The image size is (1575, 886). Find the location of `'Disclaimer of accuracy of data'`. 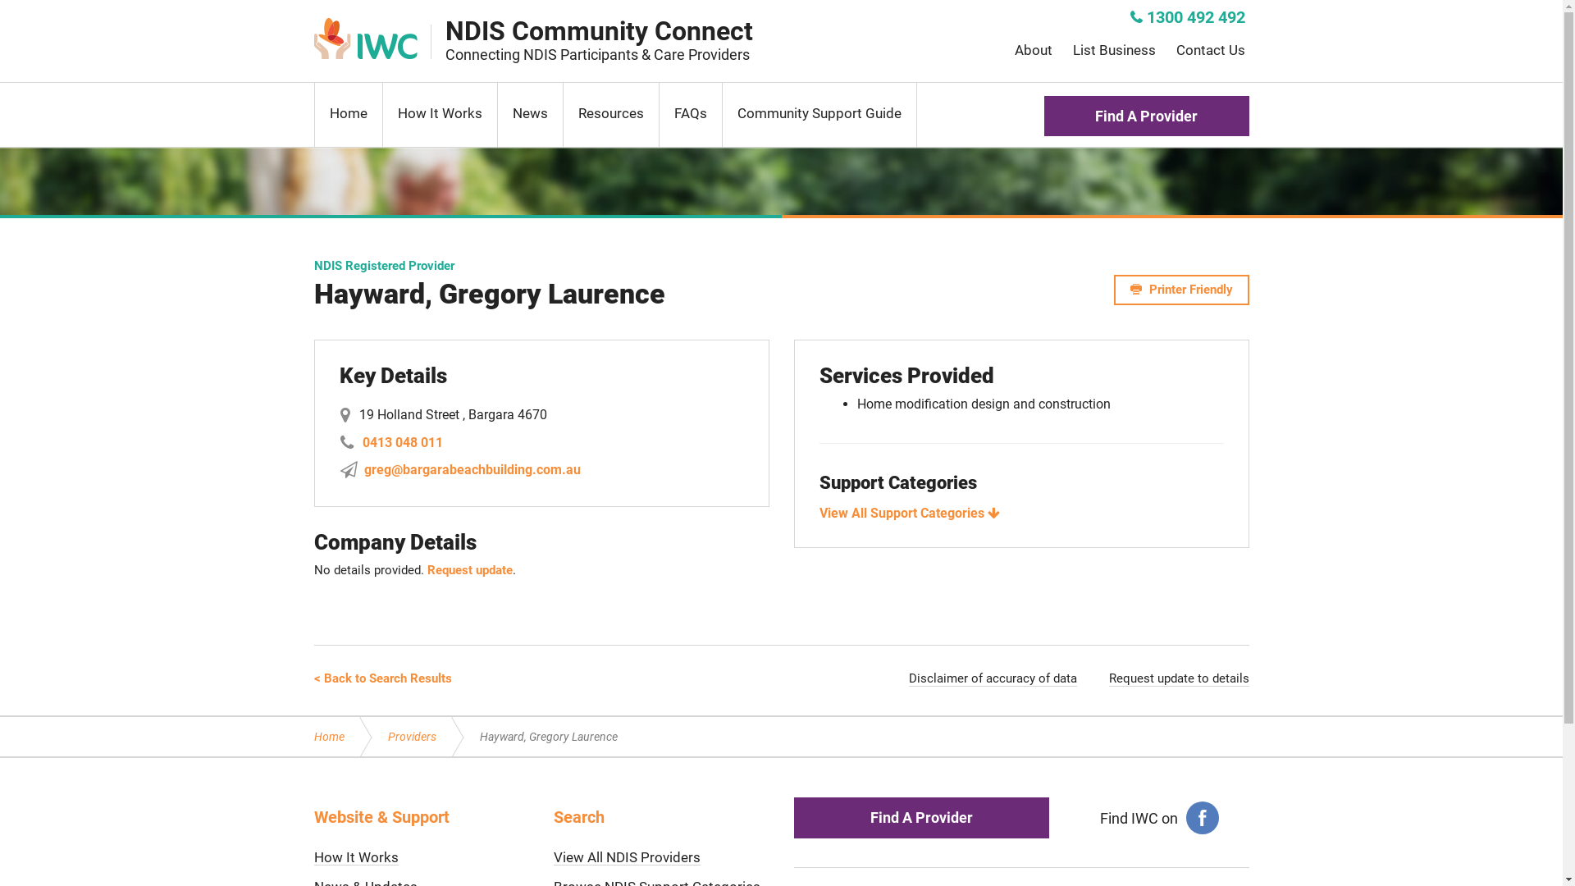

'Disclaimer of accuracy of data' is located at coordinates (992, 678).